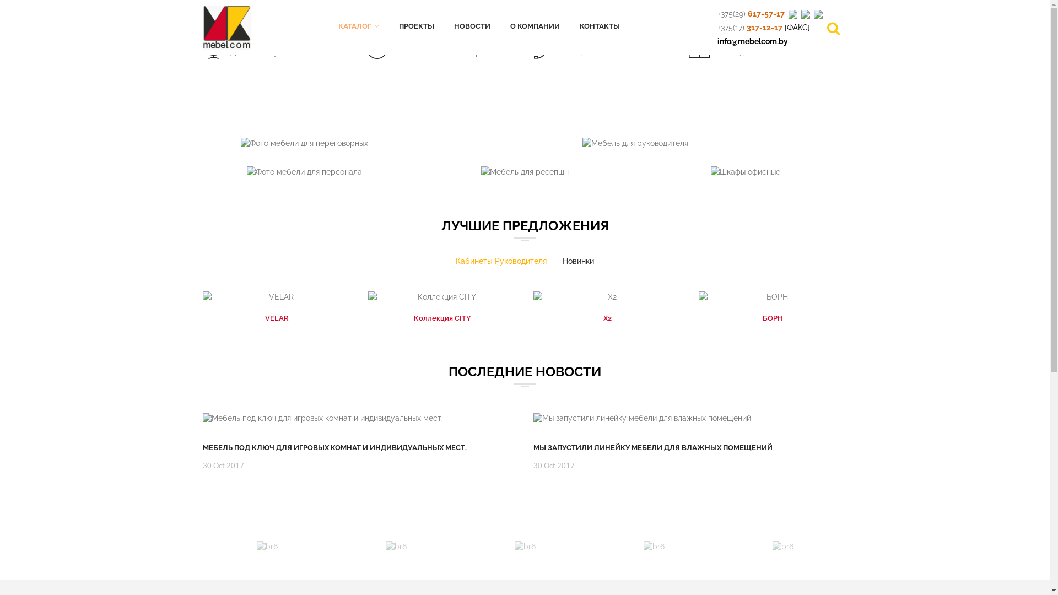 The height and width of the screenshot is (595, 1058). What do you see at coordinates (717, 13) in the screenshot?
I see `'+375(29) 617-57-17'` at bounding box center [717, 13].